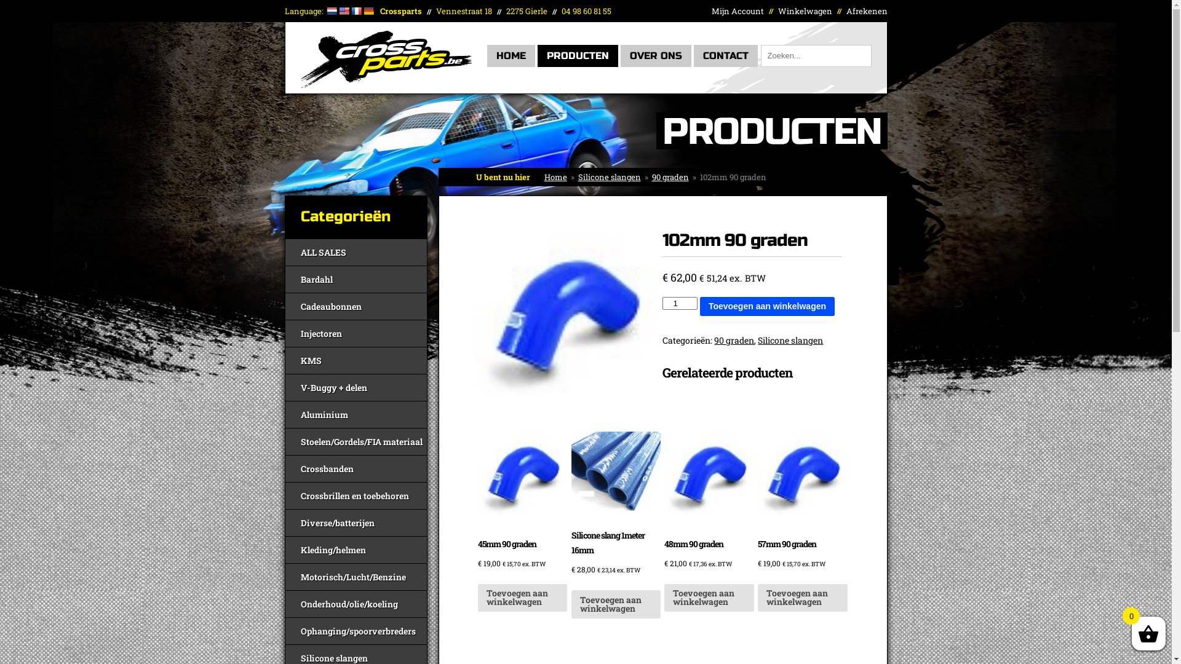 Image resolution: width=1181 pixels, height=664 pixels. Describe the element at coordinates (356, 305) in the screenshot. I see `'Cadeaubonnen'` at that location.